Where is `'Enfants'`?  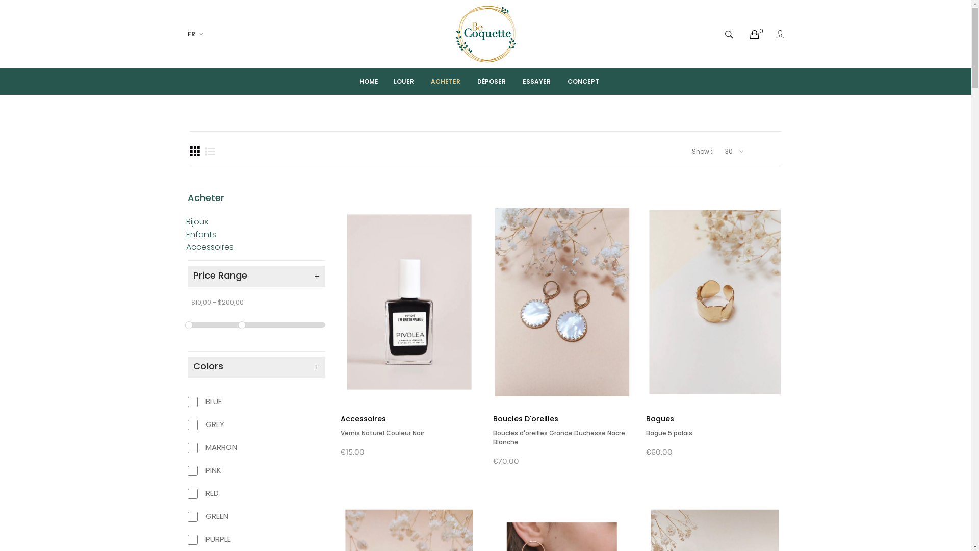 'Enfants' is located at coordinates (200, 234).